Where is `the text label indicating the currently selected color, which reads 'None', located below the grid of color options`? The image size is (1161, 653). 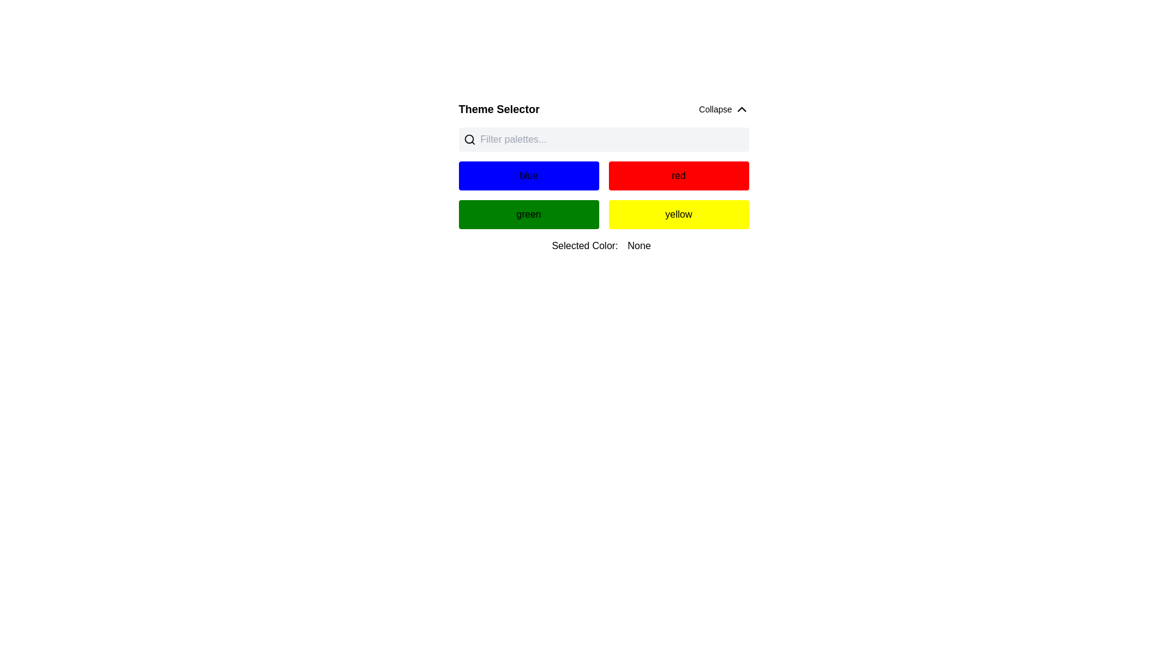 the text label indicating the currently selected color, which reads 'None', located below the grid of color options is located at coordinates (639, 245).